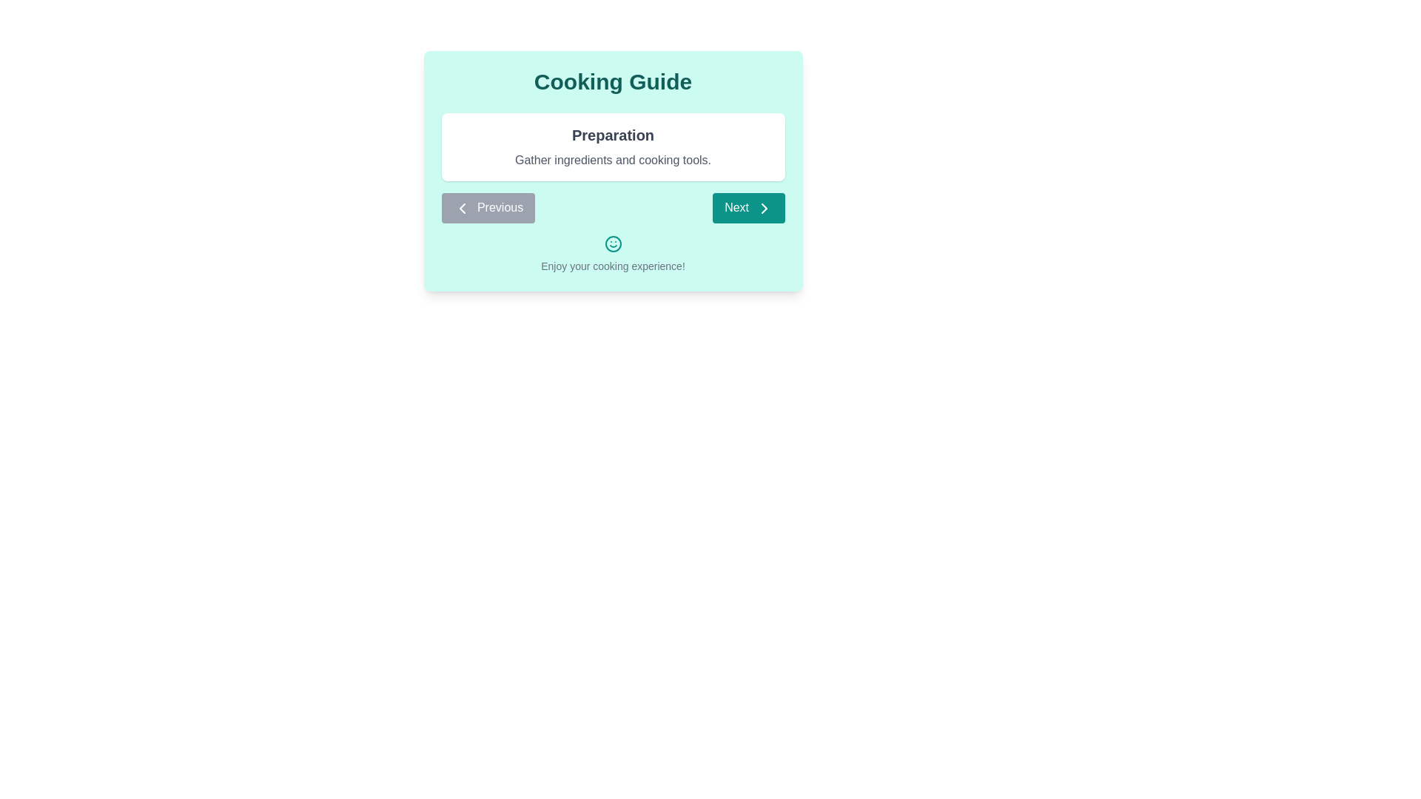  Describe the element at coordinates (764, 208) in the screenshot. I see `the teal arrow icon pointing to the right within the 'Next' button, located to the right of the button text` at that location.